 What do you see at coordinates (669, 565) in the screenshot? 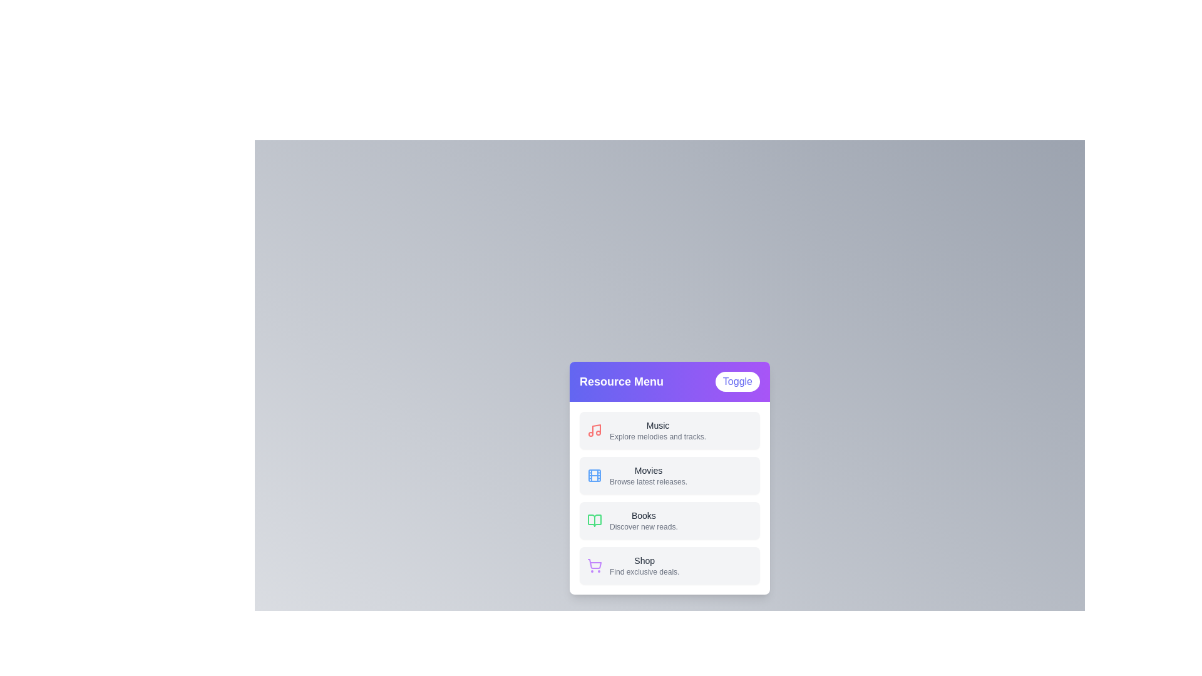
I see `the menu item labeled Shop` at bounding box center [669, 565].